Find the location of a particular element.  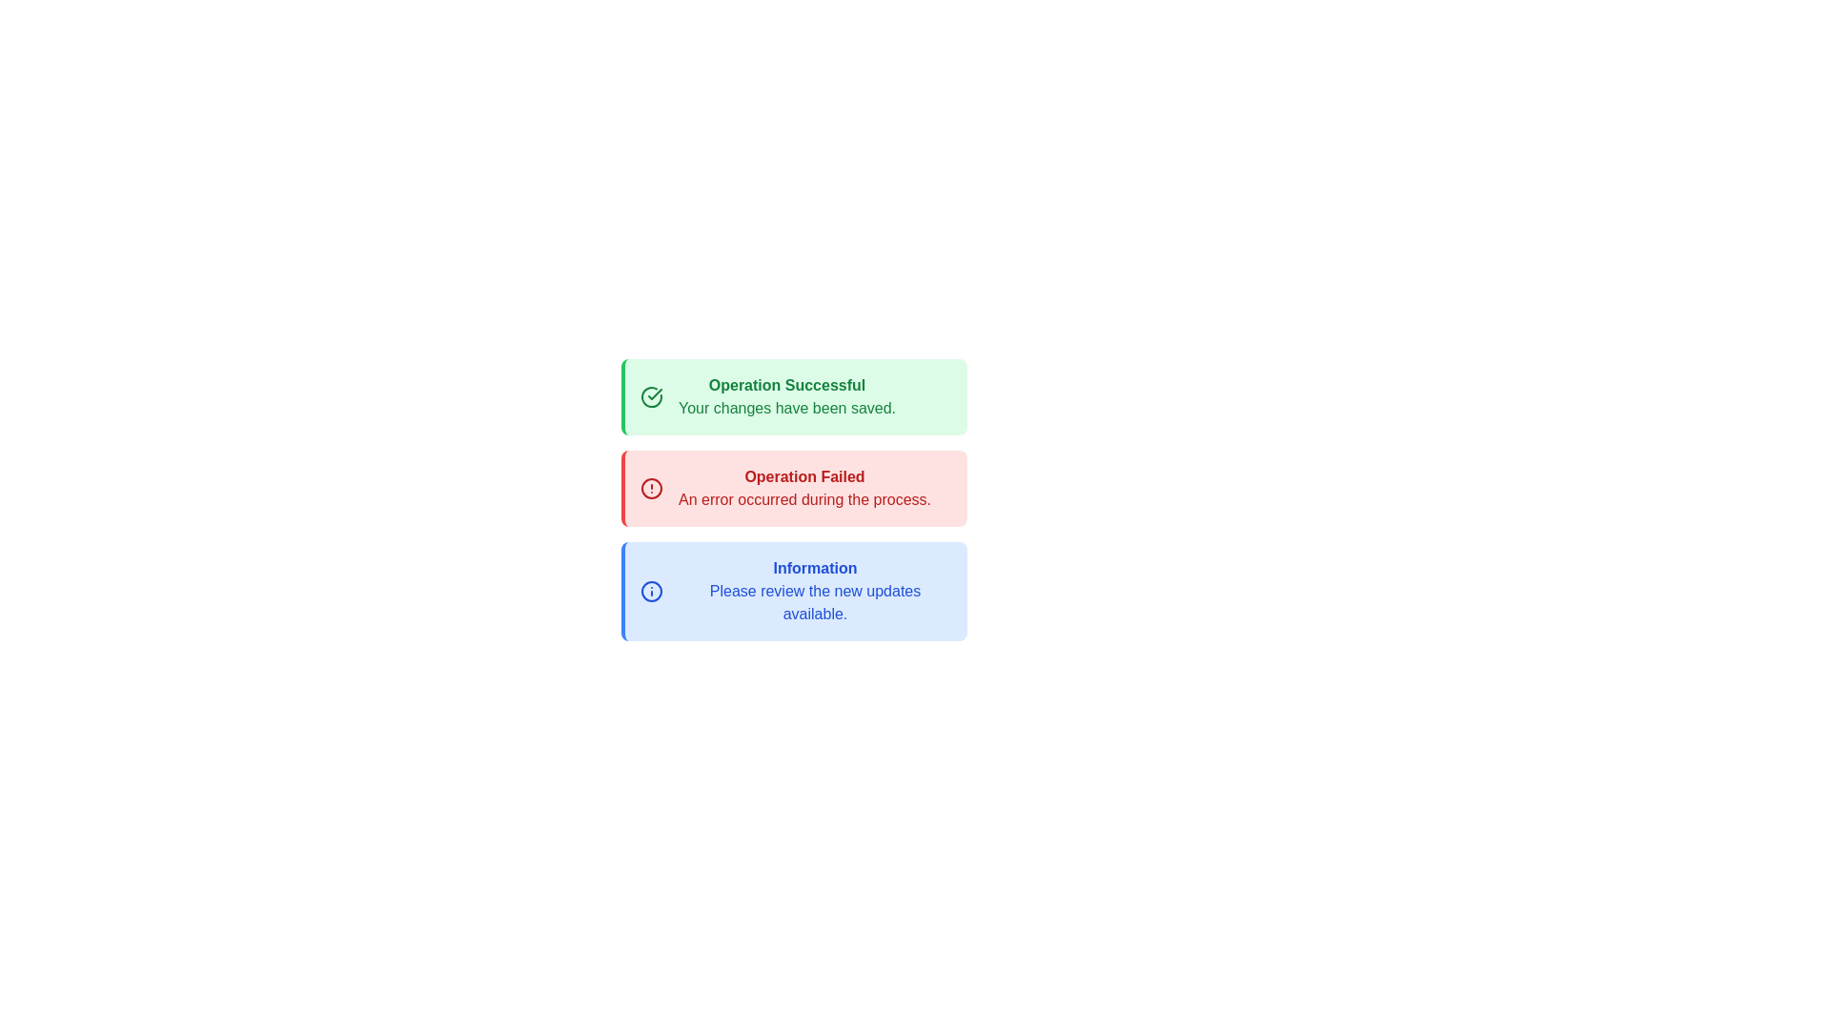

the informational text that displays messages about reviewing new updates, located in the blue notification box below the bold title 'Information' is located at coordinates (815, 602).